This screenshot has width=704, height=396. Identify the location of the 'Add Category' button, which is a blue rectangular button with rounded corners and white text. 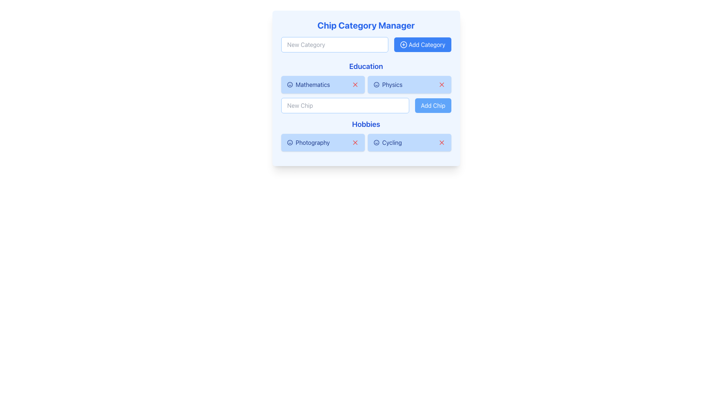
(422, 45).